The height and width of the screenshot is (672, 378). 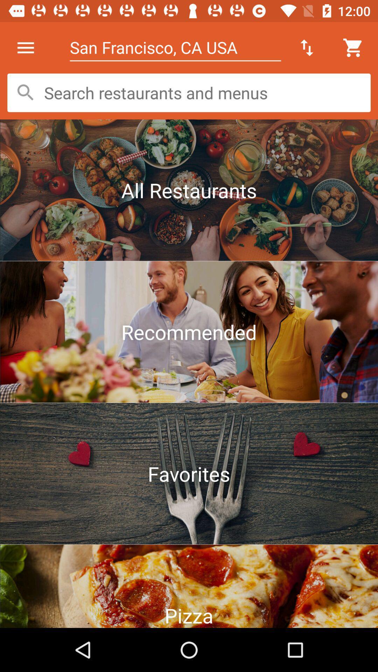 I want to click on the restaurants and menus to search, so click(x=189, y=92).